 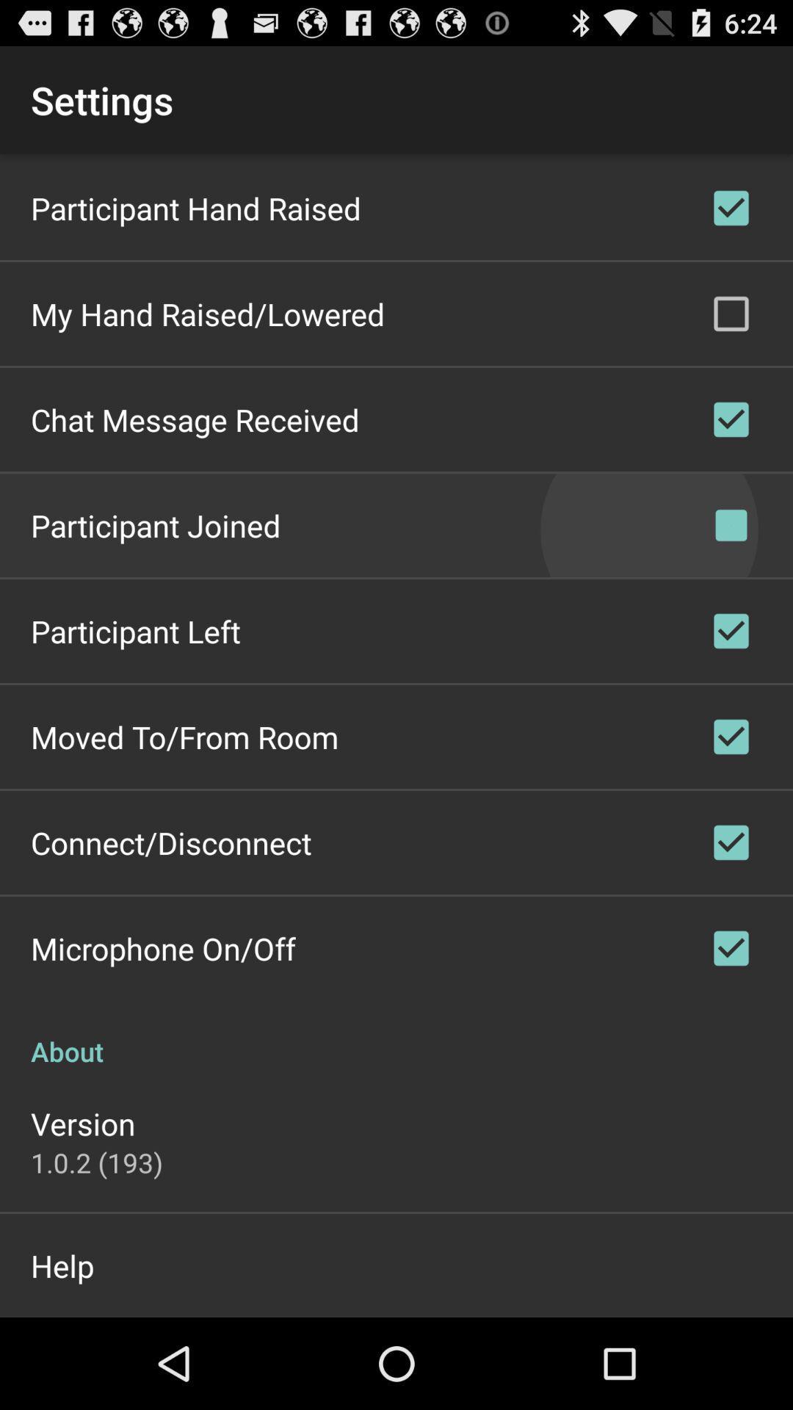 What do you see at coordinates (96, 1162) in the screenshot?
I see `1 0 2` at bounding box center [96, 1162].